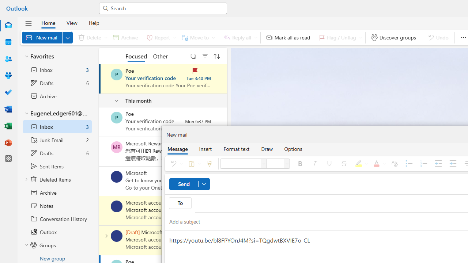 Image resolution: width=468 pixels, height=263 pixels. What do you see at coordinates (29, 23) in the screenshot?
I see `'Hide navigation pane'` at bounding box center [29, 23].